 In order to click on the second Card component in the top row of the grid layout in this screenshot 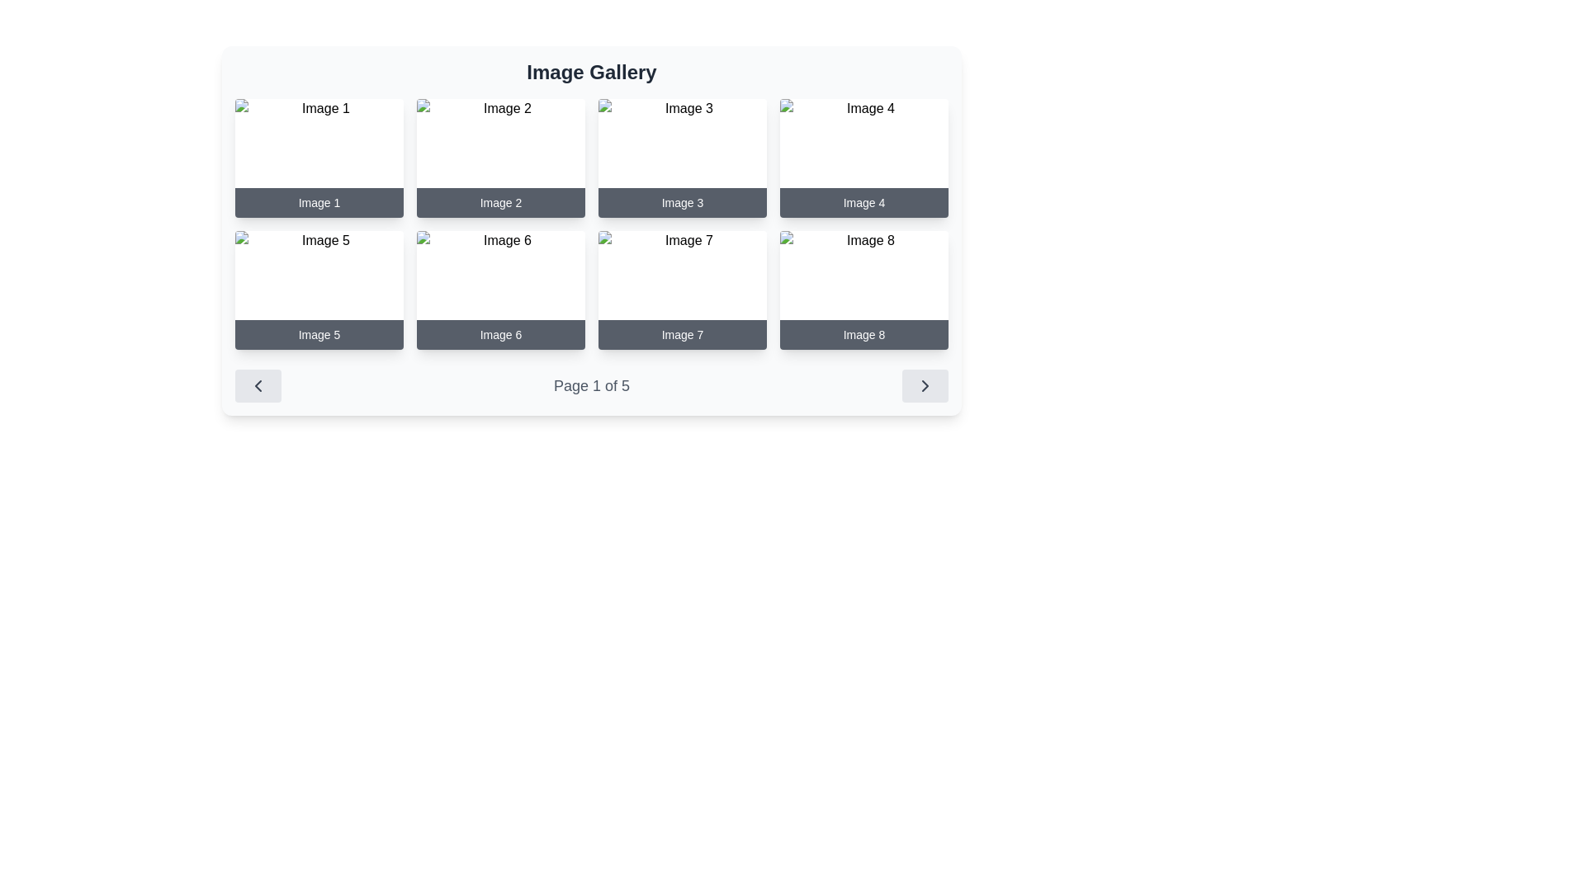, I will do `click(499, 158)`.